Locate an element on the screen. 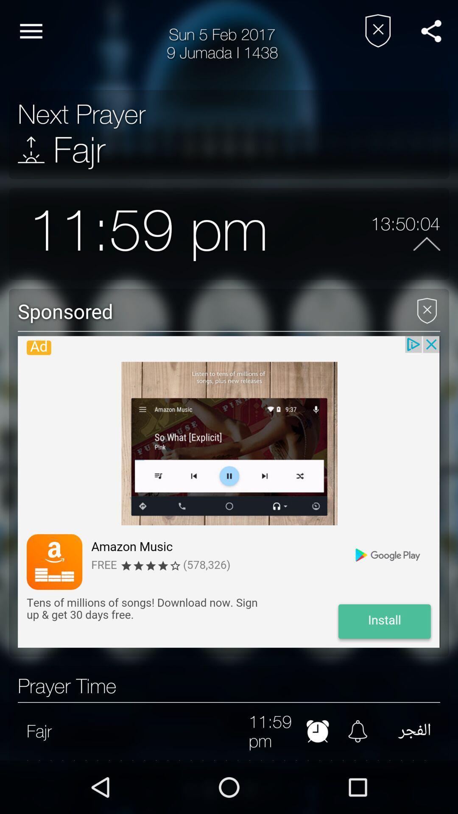 The image size is (458, 814). the icon next to the 13:50:04 item is located at coordinates (319, 234).